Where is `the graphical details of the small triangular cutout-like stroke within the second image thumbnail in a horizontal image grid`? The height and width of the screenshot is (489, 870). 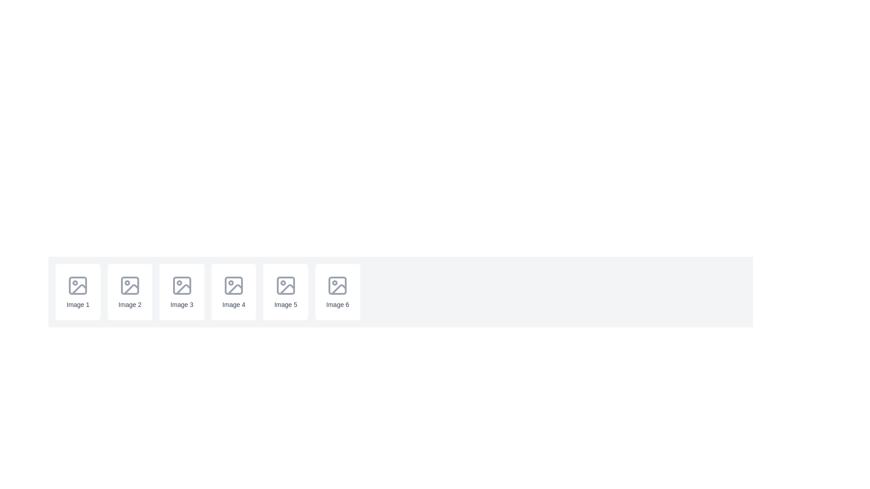 the graphical details of the small triangular cutout-like stroke within the second image thumbnail in a horizontal image grid is located at coordinates (130, 289).